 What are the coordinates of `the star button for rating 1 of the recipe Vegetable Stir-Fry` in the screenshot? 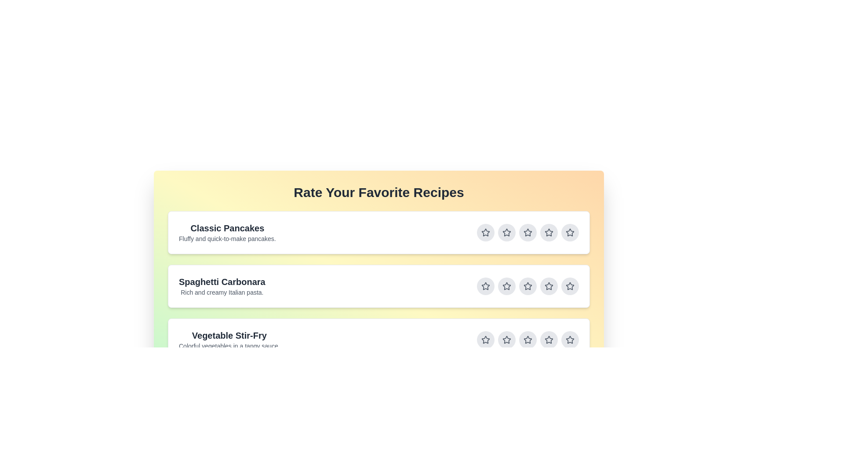 It's located at (485, 339).